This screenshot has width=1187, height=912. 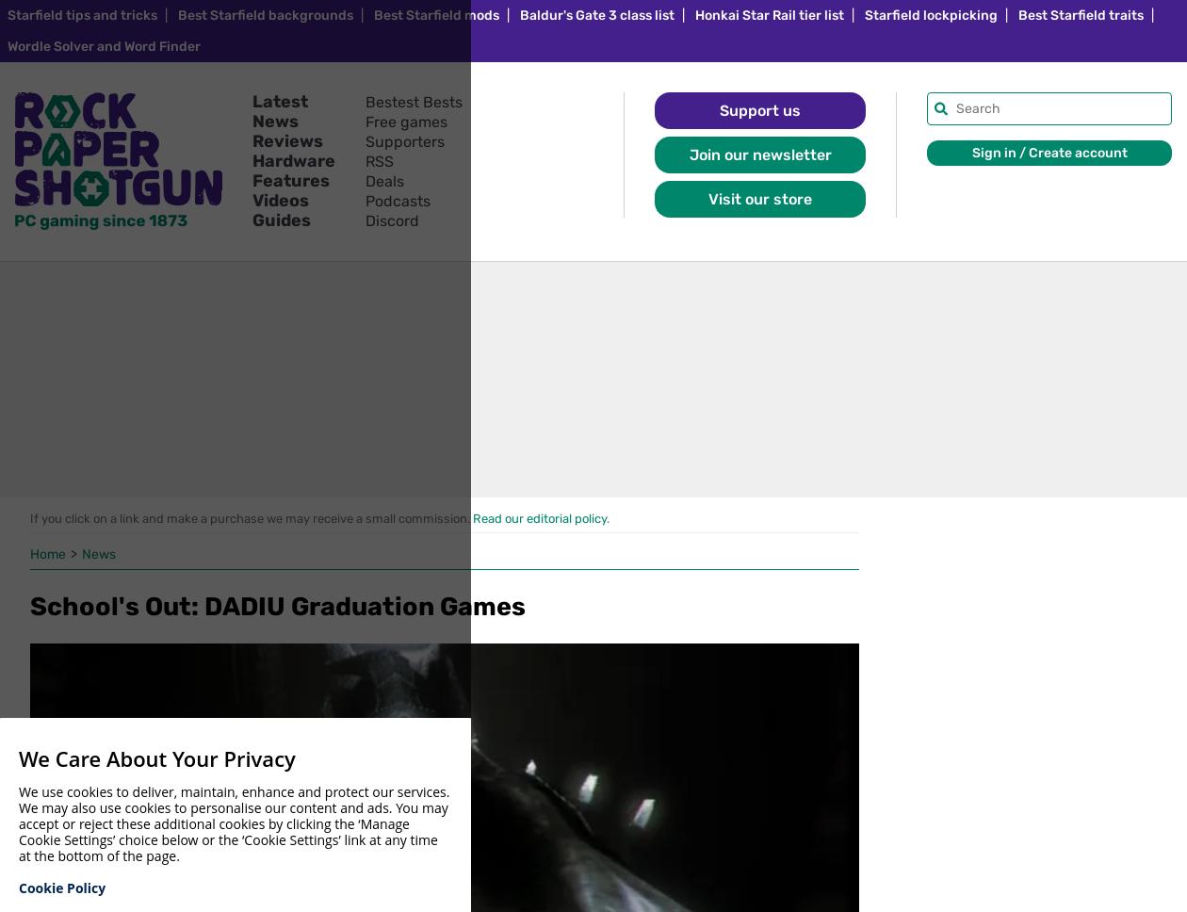 I want to click on '.', so click(x=606, y=517).